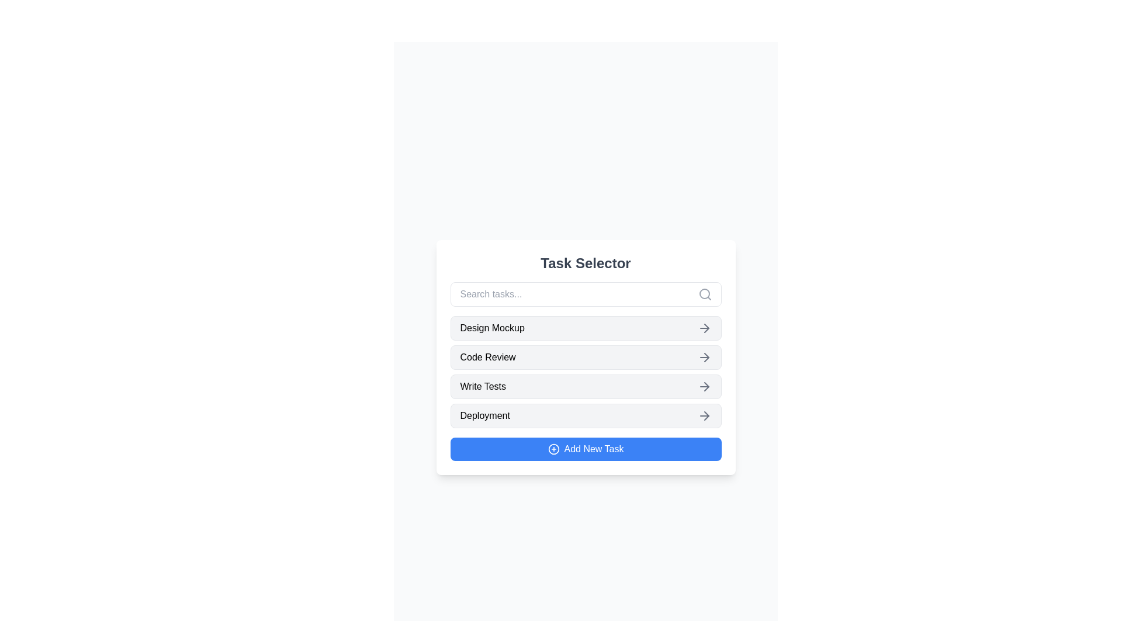  Describe the element at coordinates (553, 448) in the screenshot. I see `the circular icon in the blue 'Add New Task' button, which is located at the bottom of the task management interface` at that location.